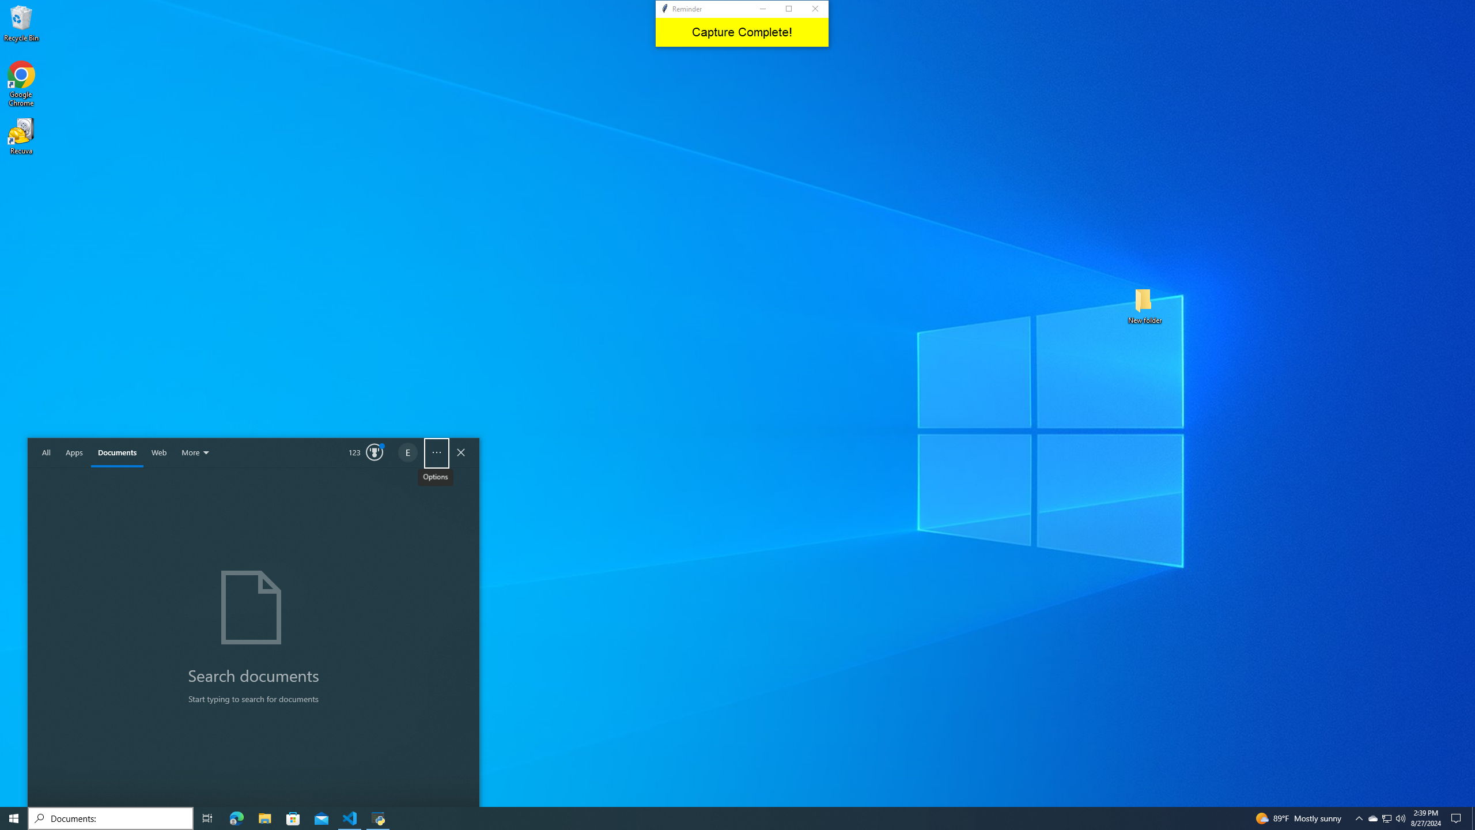  What do you see at coordinates (159, 452) in the screenshot?
I see `'Web'` at bounding box center [159, 452].